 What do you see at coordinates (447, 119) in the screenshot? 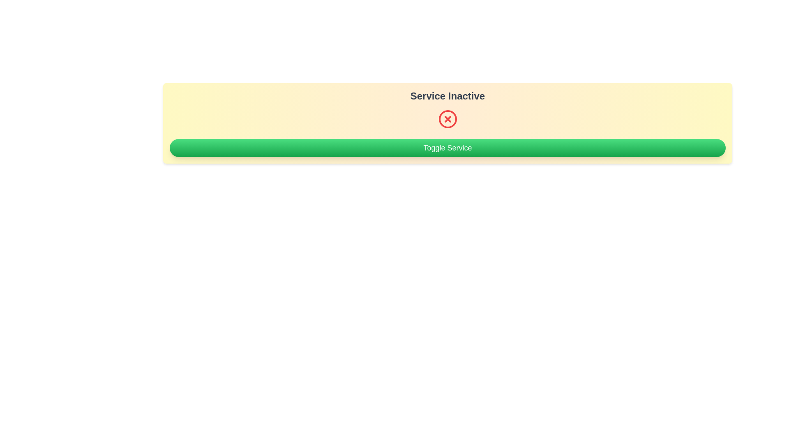
I see `the circular icon indicating the inactive status, which is positioned below the 'Service Inactive' label and above the 'Toggle Service' button` at bounding box center [447, 119].